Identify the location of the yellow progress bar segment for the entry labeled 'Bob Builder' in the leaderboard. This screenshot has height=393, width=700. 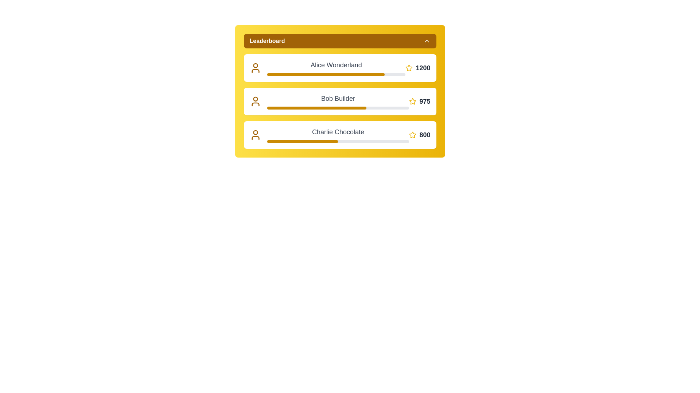
(316, 108).